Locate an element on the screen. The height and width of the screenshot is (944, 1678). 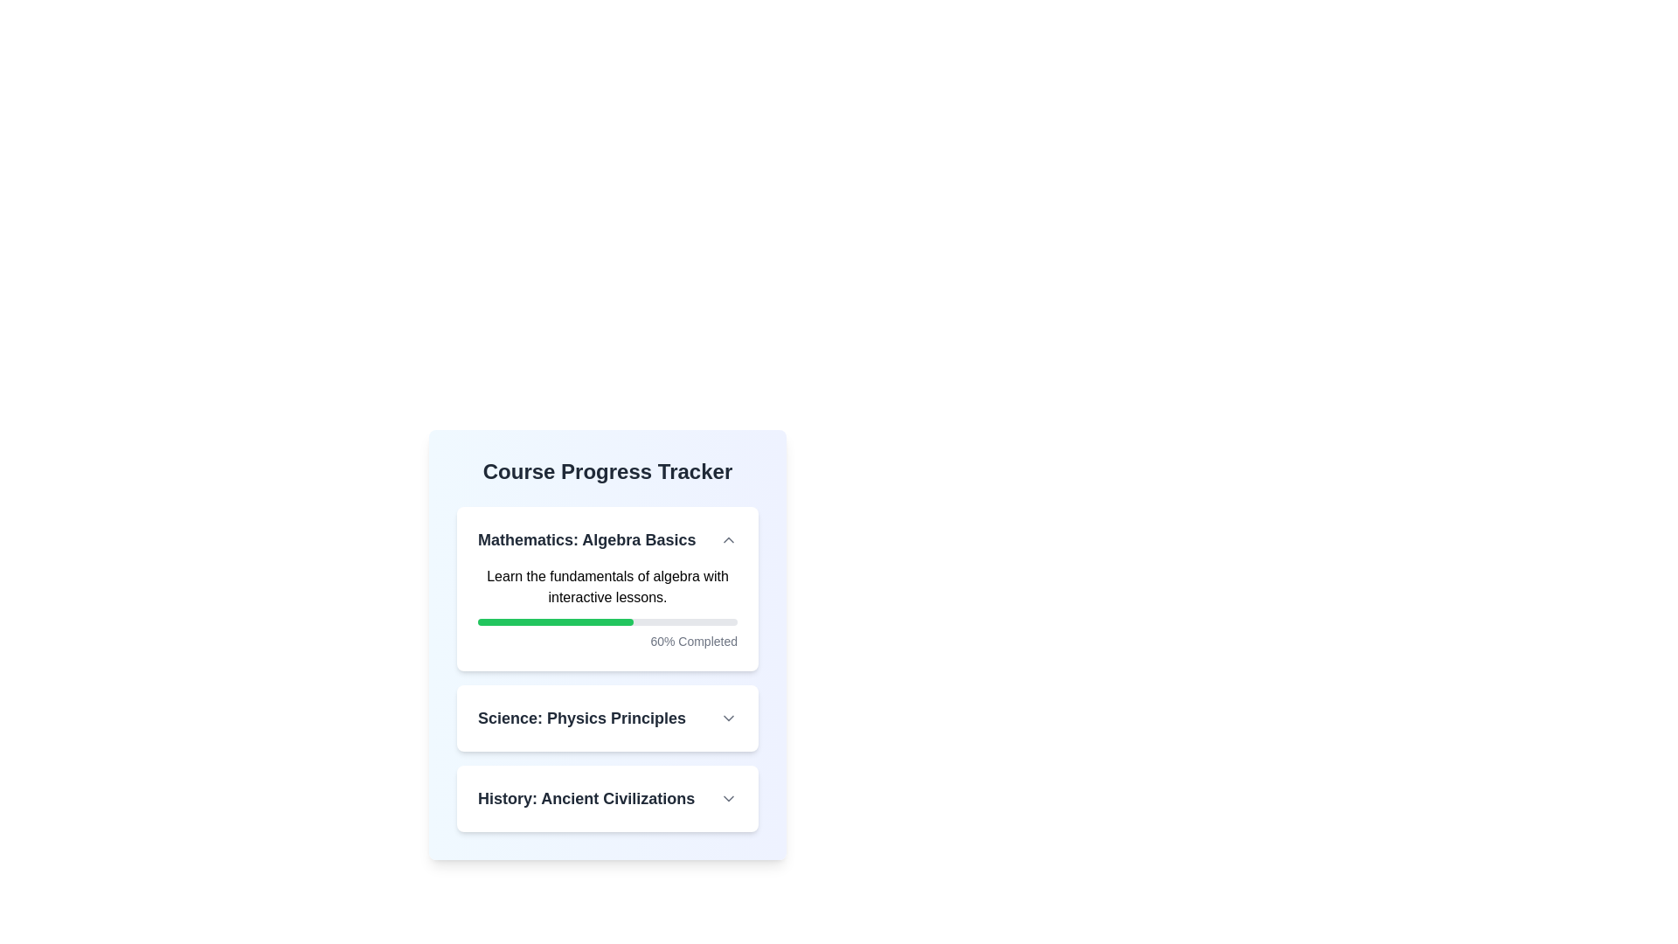
the 'History: Ancient Civilizations' text label with a chevron icon is located at coordinates (607, 799).